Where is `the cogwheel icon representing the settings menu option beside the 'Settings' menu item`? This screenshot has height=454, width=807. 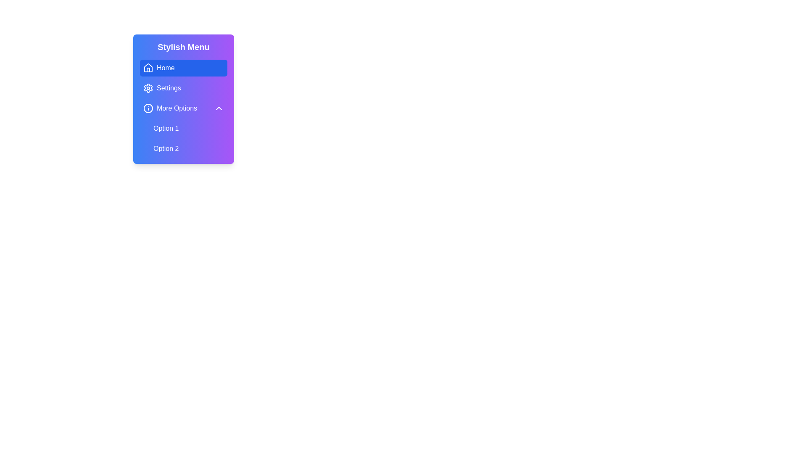 the cogwheel icon representing the settings menu option beside the 'Settings' menu item is located at coordinates (148, 88).